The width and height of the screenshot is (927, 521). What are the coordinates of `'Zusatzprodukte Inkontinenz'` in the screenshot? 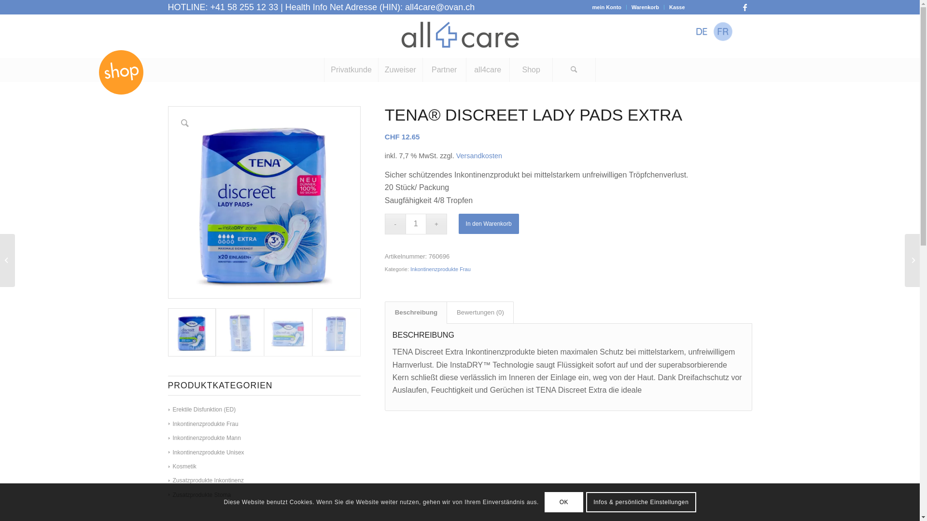 It's located at (168, 480).